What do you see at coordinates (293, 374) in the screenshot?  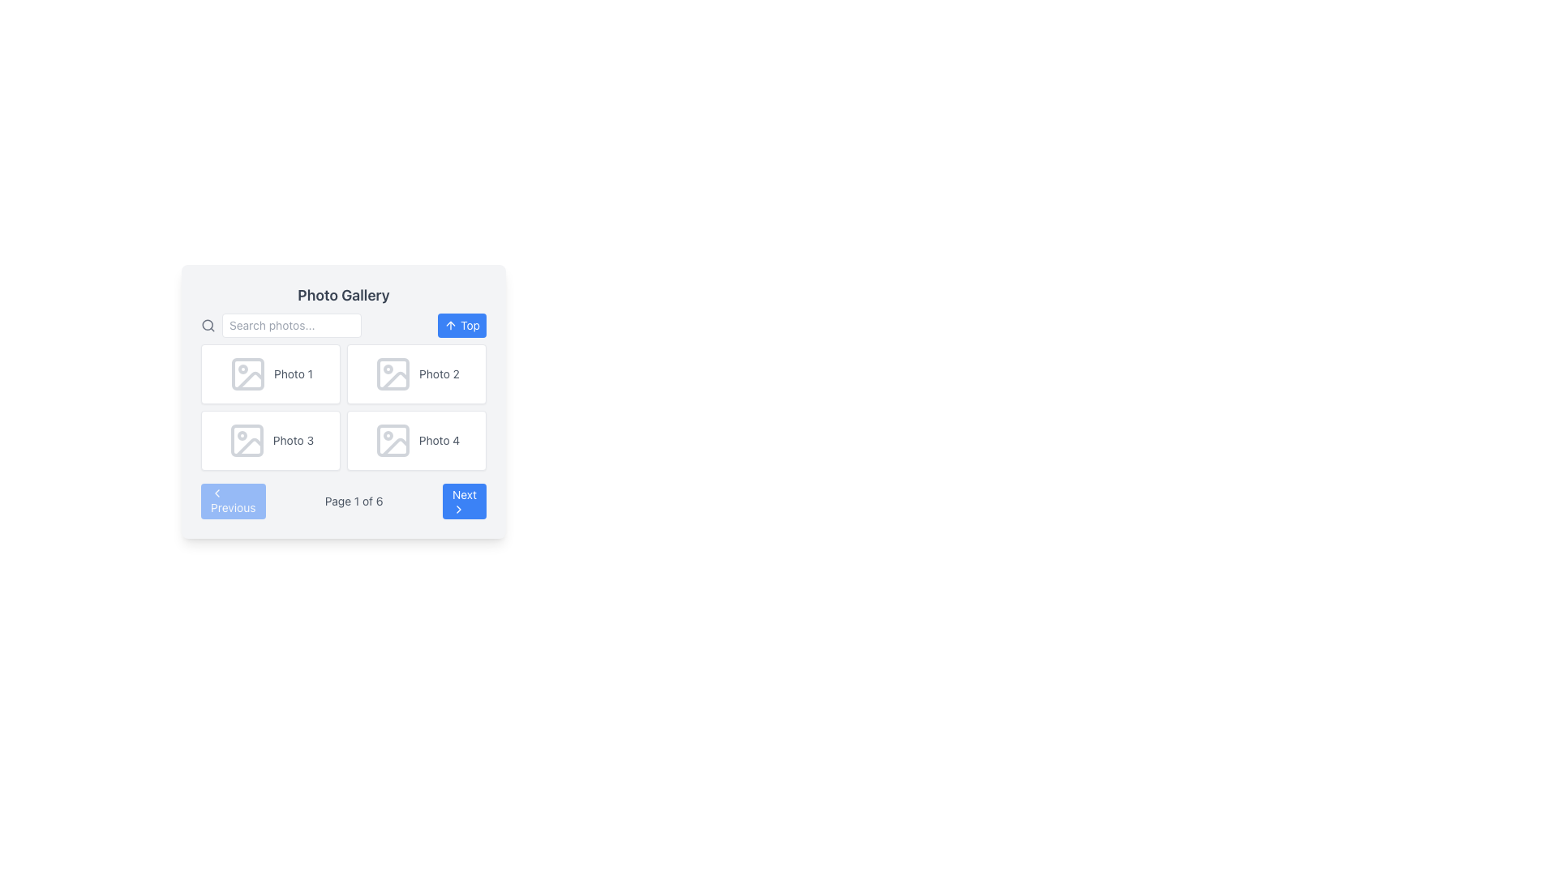 I see `text content of the static text label located in the top-left quadrant of the photo gallery panel, which serves as the title or label for an image` at bounding box center [293, 374].